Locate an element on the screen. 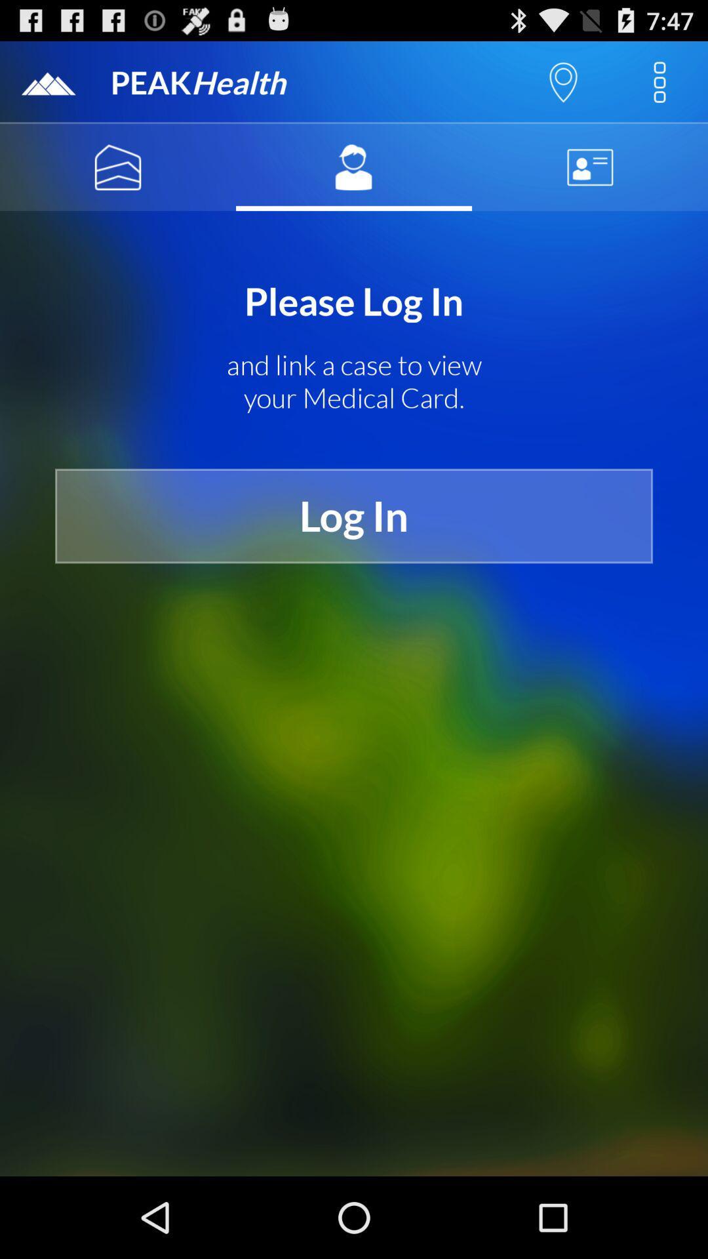 The width and height of the screenshot is (708, 1259). icon above the log in item is located at coordinates (354, 381).